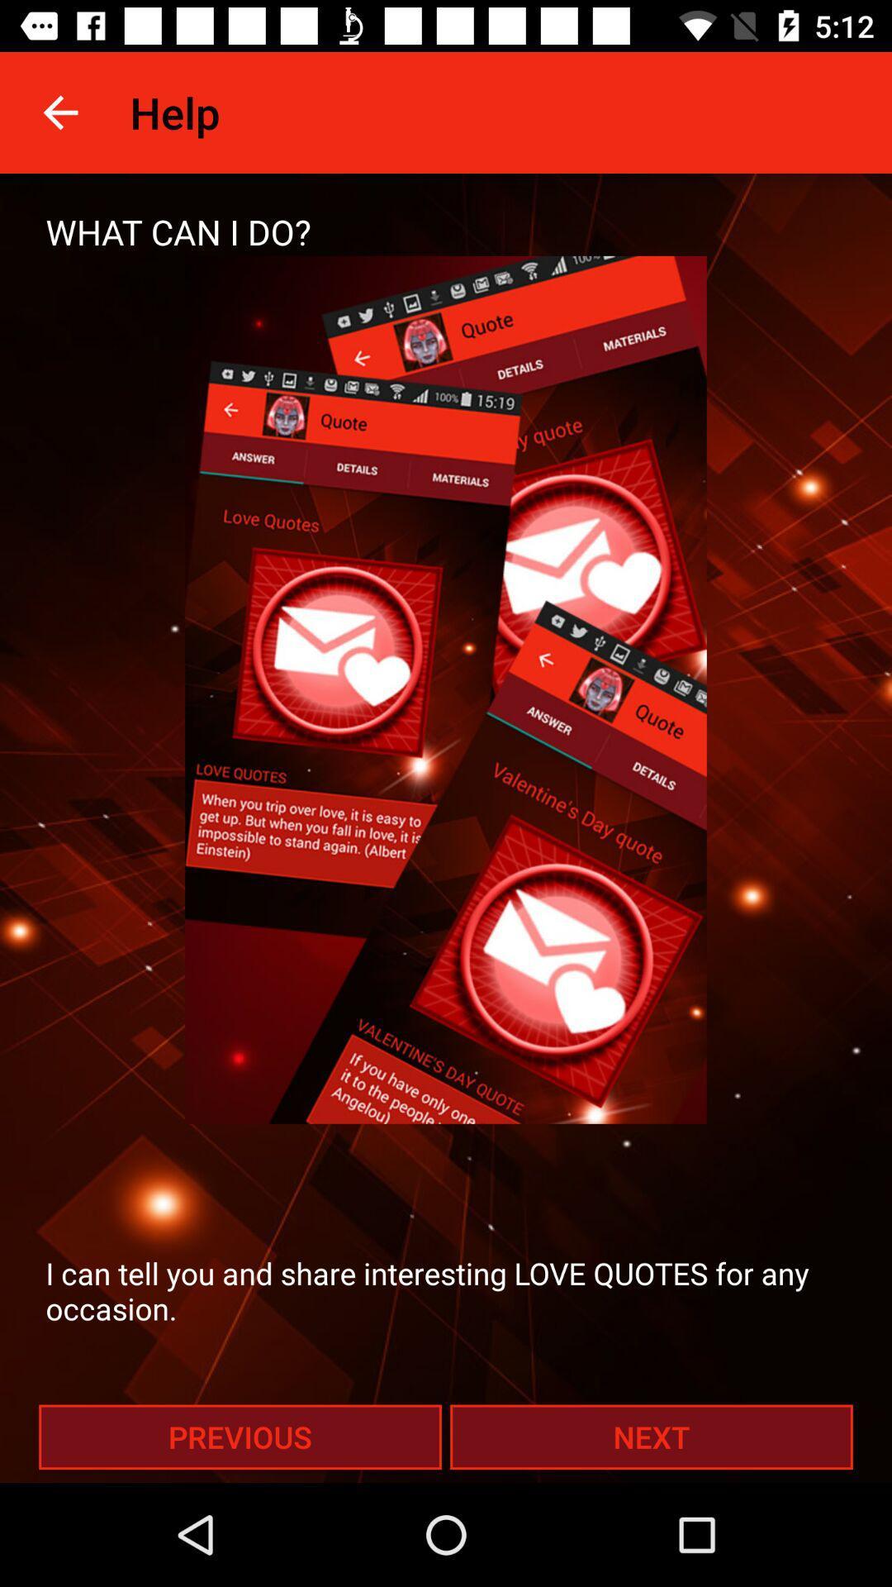 The height and width of the screenshot is (1587, 892). What do you see at coordinates (651, 1436) in the screenshot?
I see `the icon next to the previous icon` at bounding box center [651, 1436].